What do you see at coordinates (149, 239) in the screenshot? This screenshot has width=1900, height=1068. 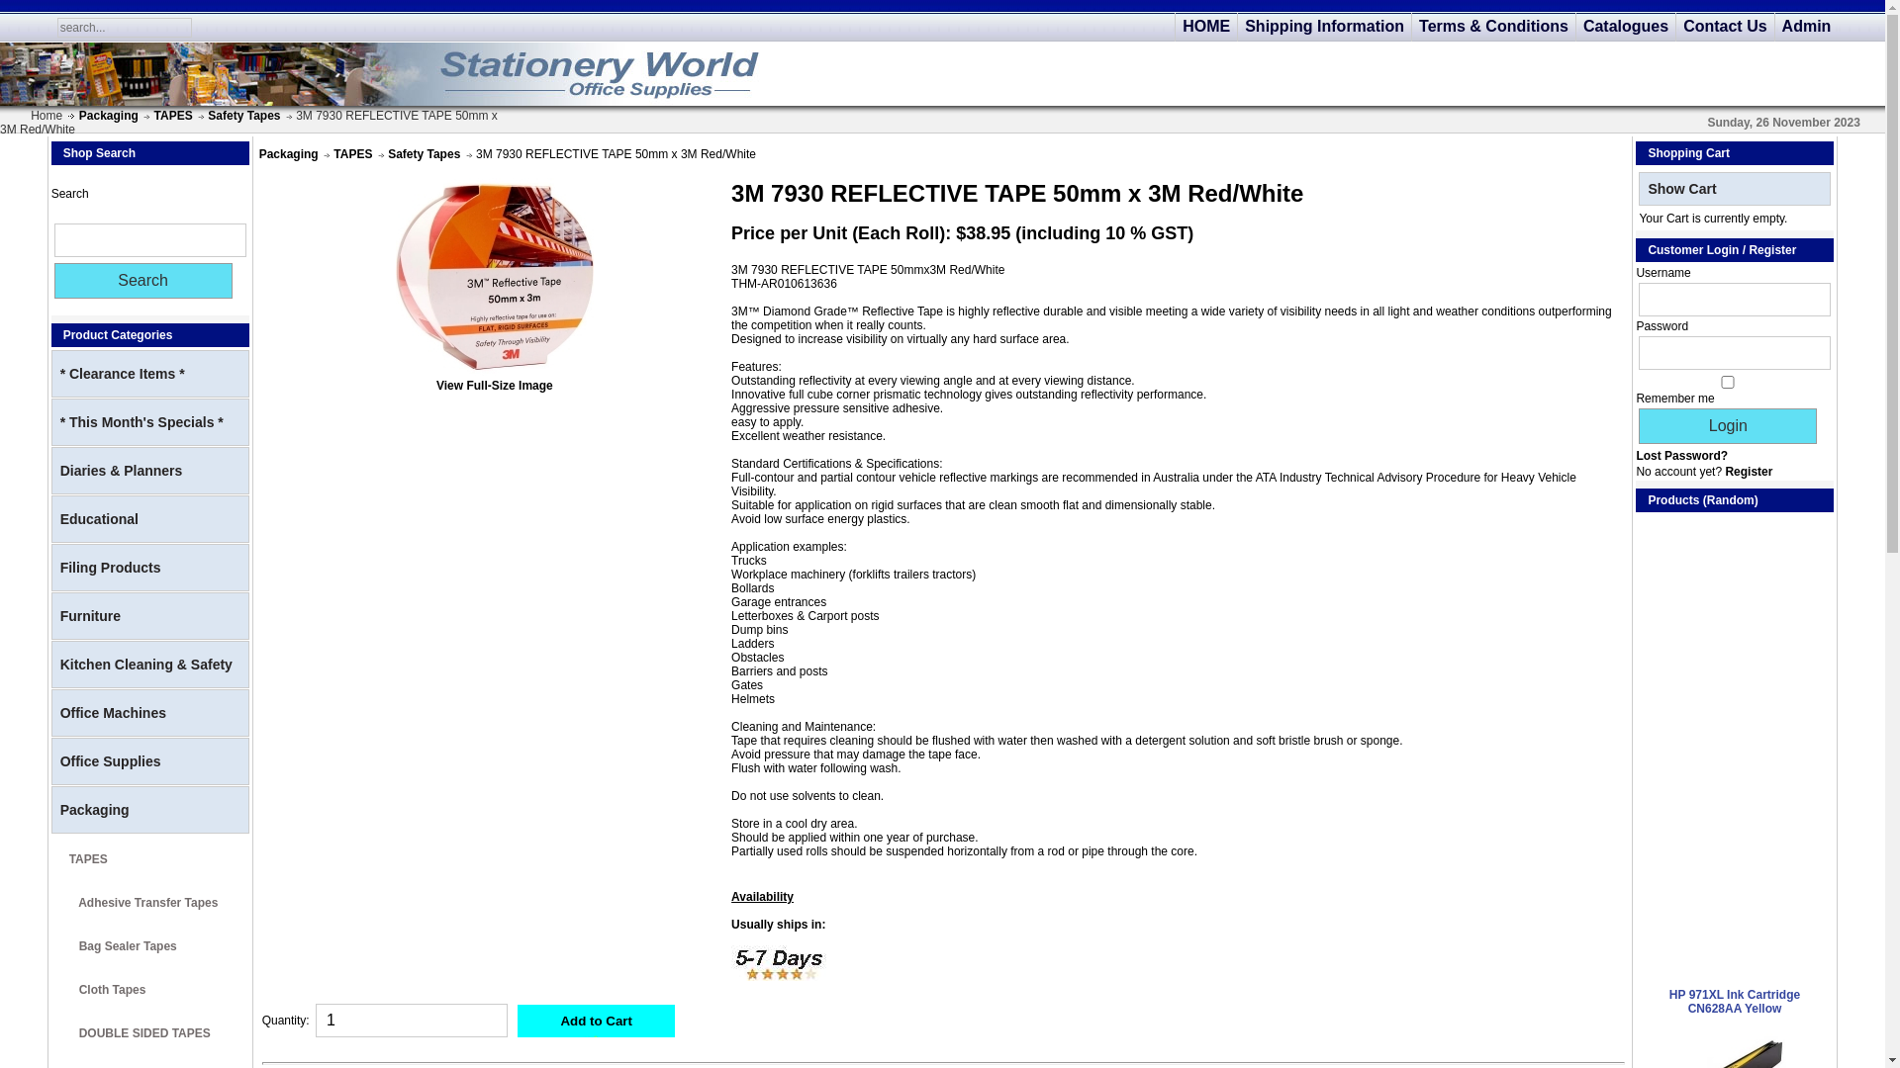 I see `'Search'` at bounding box center [149, 239].